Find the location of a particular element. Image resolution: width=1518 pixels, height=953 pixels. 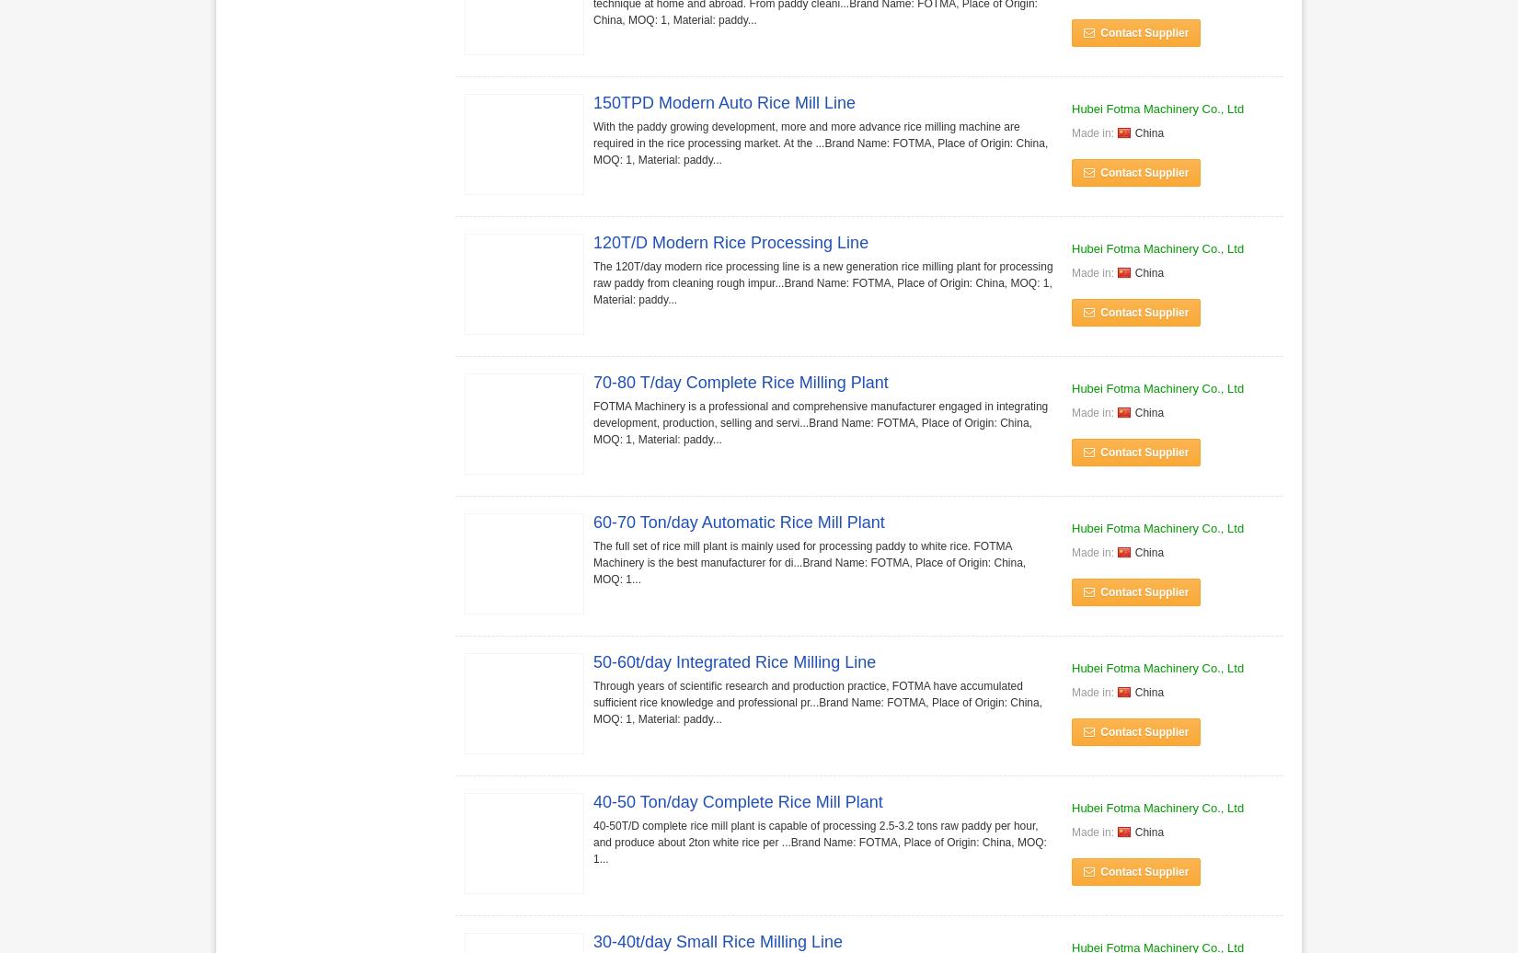

'The full set of rice mill plant is mainly used for processing paddy to white rice. FOTMA Machinery is the best manufacturer for di...Brand Name: FOTMA, Place of Origin: China, MOQ: 1...' is located at coordinates (809, 562).